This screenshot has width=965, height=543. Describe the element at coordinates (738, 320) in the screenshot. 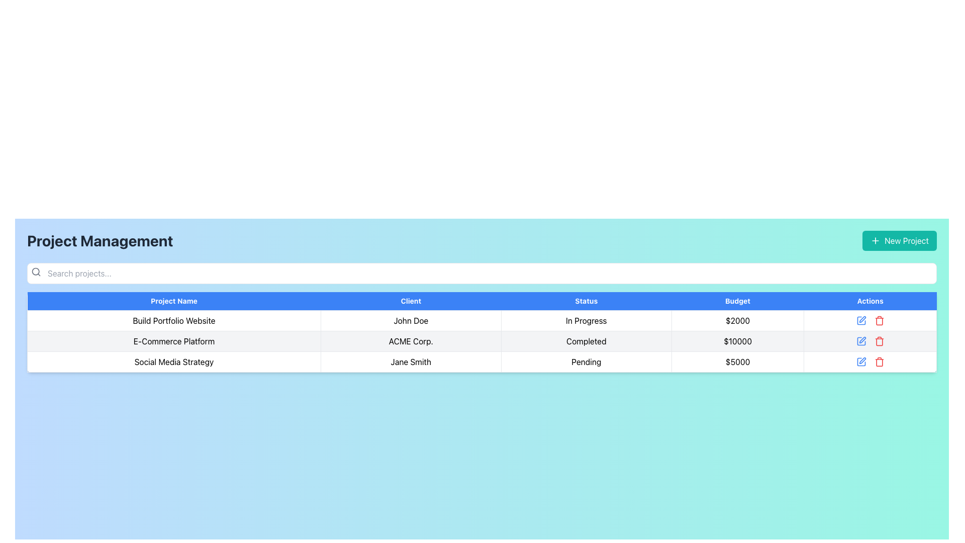

I see `the budget display text for the project titled 'Build Portfolio Website', located in the fourth column under the 'Budget' header` at that location.